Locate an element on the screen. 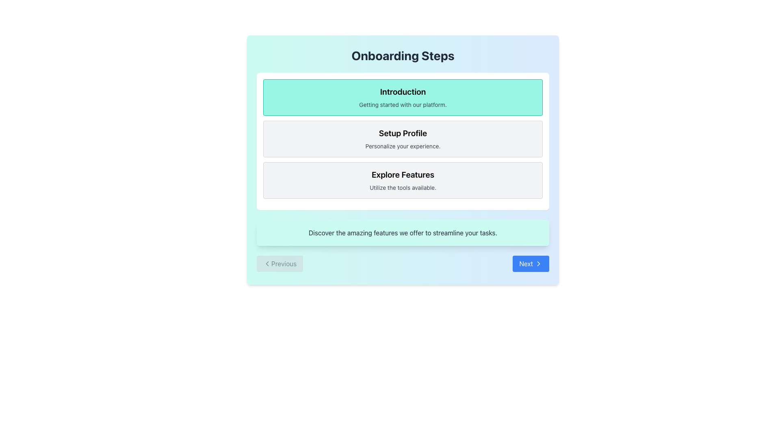  the small, left-pointing chevron icon associated with the 'Previous' button at the bottom left of the dialog is located at coordinates (267, 263).